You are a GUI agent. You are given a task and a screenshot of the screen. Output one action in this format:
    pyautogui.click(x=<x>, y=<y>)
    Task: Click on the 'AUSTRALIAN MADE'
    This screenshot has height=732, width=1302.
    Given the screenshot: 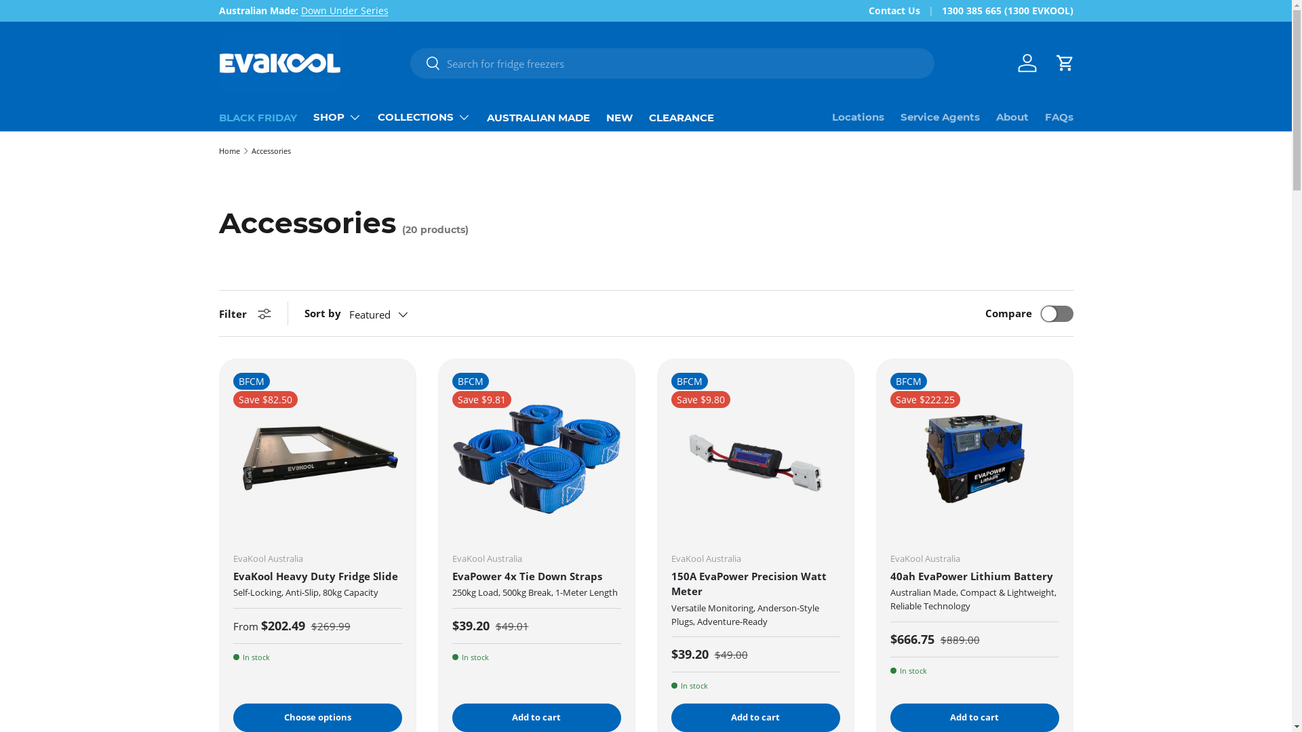 What is the action you would take?
    pyautogui.click(x=537, y=117)
    